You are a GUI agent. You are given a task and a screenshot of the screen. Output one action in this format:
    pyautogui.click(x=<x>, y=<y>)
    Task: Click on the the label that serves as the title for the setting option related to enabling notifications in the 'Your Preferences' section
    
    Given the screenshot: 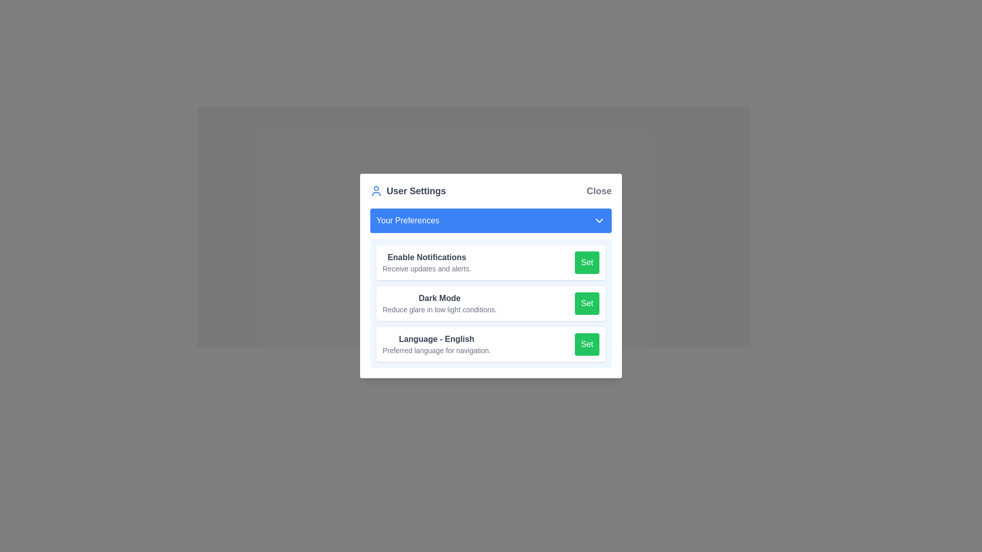 What is the action you would take?
    pyautogui.click(x=427, y=257)
    